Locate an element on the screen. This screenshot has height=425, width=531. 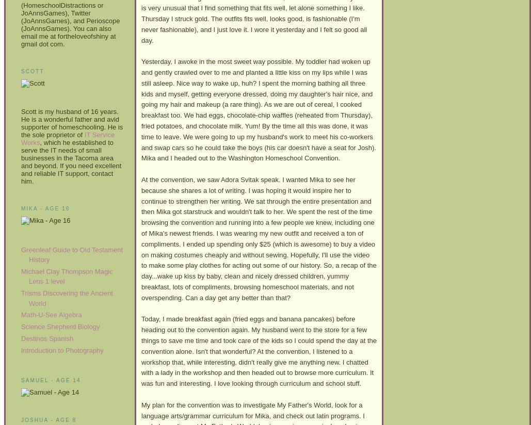
'IT Service Works' is located at coordinates (67, 138).